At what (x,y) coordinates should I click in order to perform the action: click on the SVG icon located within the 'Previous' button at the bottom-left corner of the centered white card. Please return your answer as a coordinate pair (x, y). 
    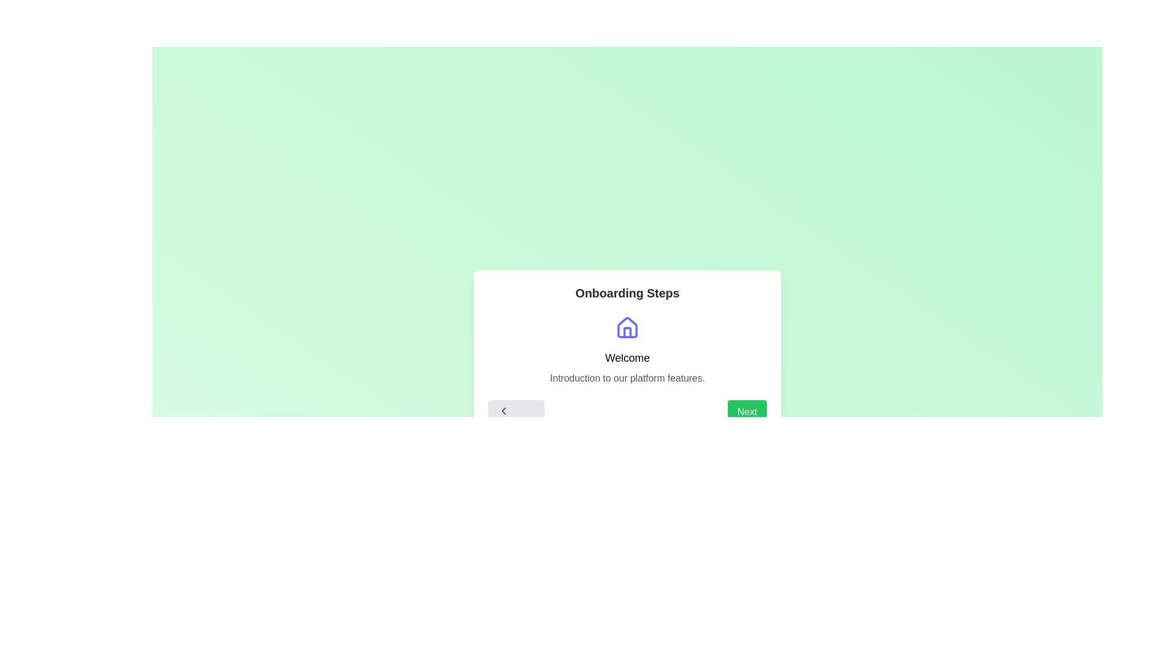
    Looking at the image, I should click on (504, 410).